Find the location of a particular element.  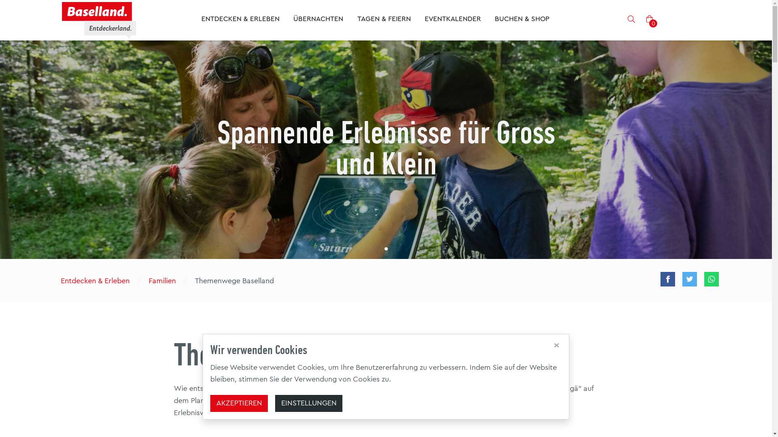

'BUCHEN & SHOP' is located at coordinates (494, 20).